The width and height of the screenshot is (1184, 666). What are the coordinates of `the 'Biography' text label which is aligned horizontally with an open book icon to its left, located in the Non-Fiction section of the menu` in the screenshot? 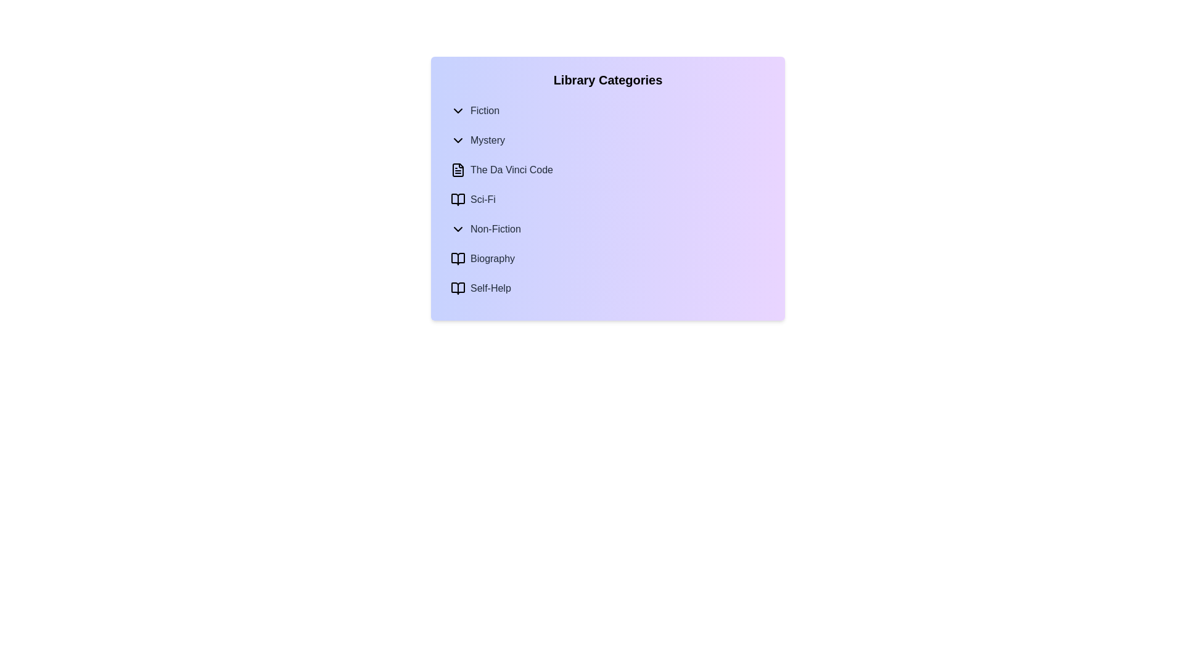 It's located at (492, 258).